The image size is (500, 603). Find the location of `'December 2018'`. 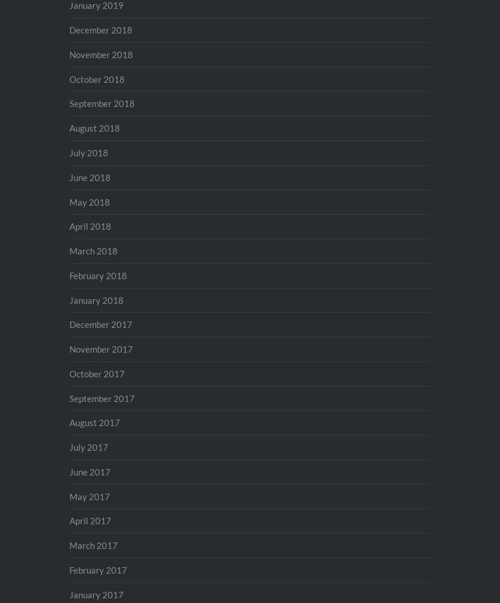

'December 2018' is located at coordinates (100, 29).